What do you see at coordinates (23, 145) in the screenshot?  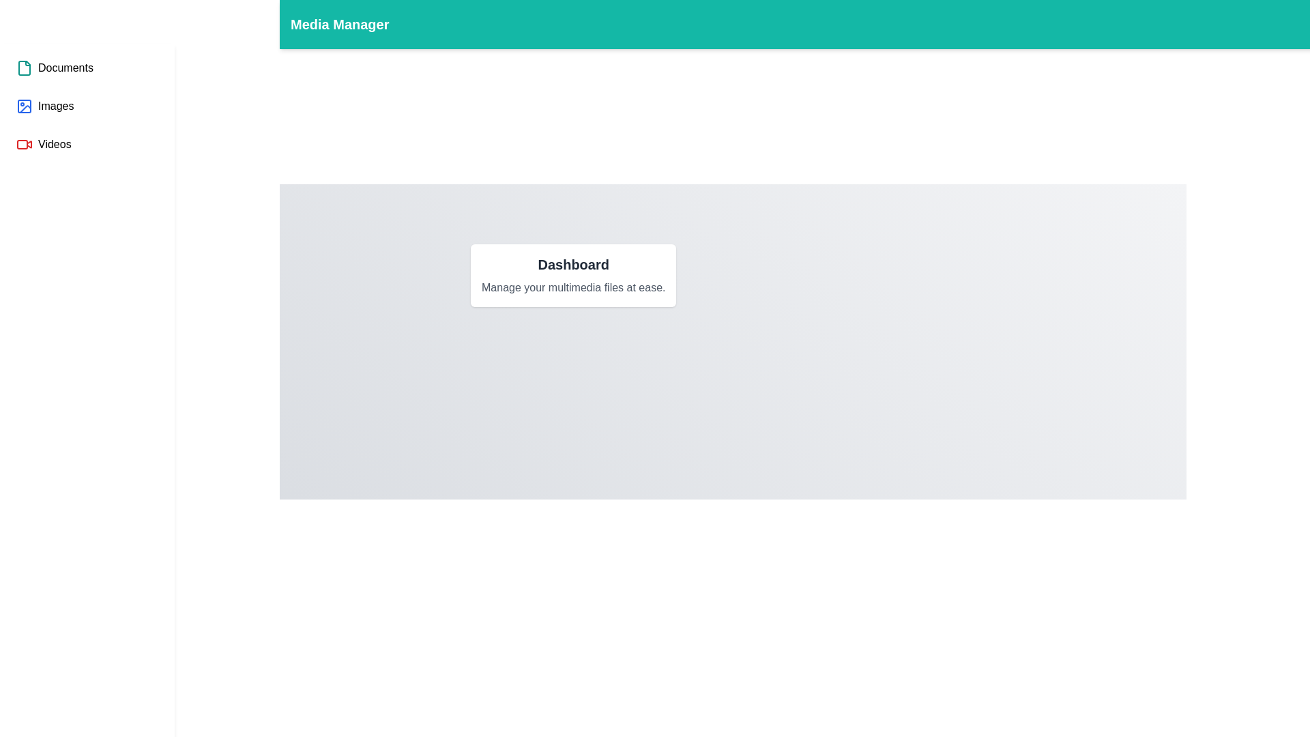 I see `the video camera icon in the sidebar menu, which is visually represented by a rounded rectangle and is located next to the text 'Videos'` at bounding box center [23, 145].